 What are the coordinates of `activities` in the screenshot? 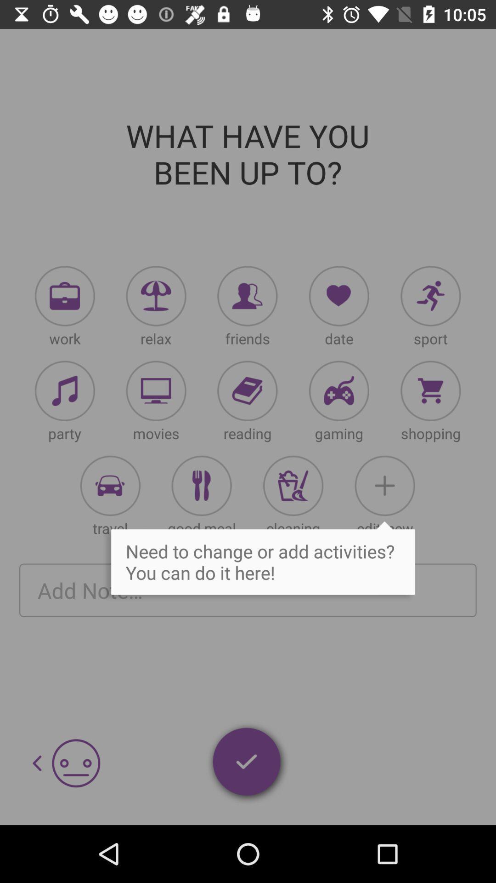 It's located at (201, 485).